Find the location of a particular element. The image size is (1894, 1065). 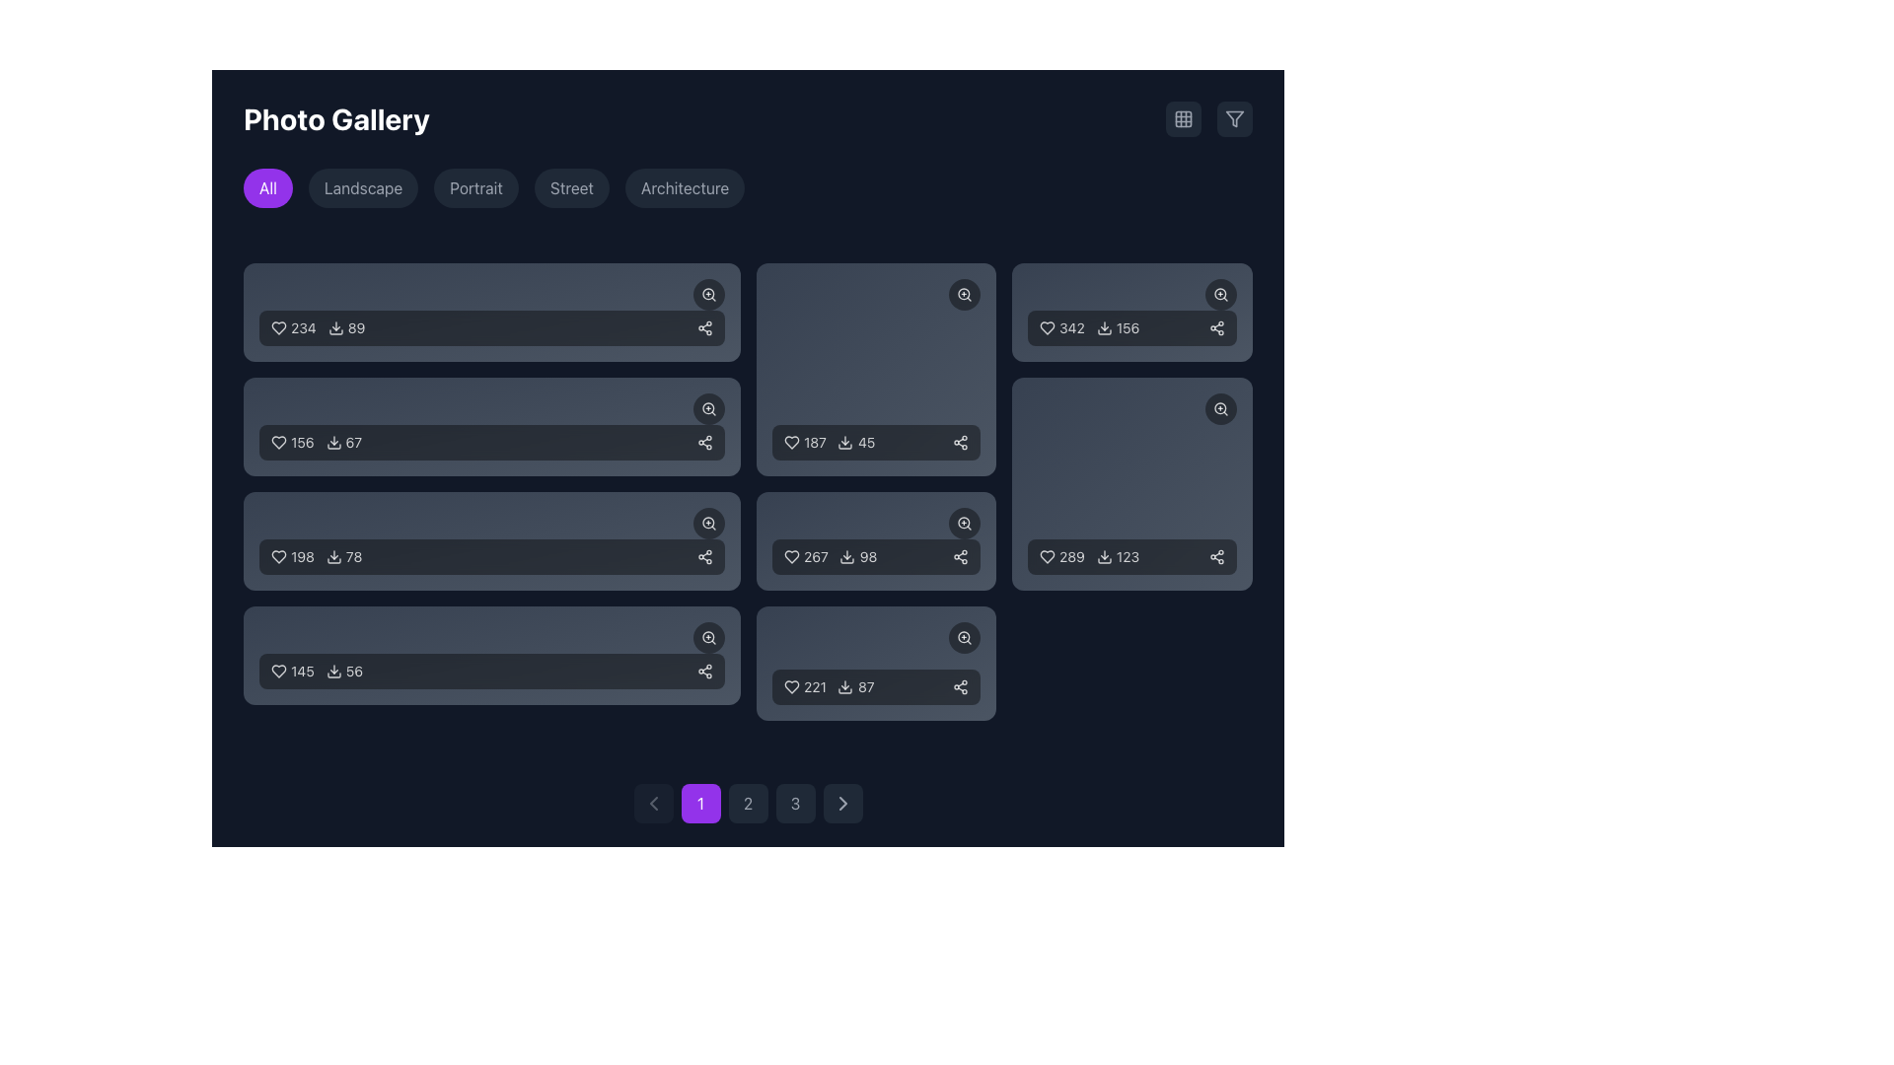

the zoom icon button located at the center-right of the card in the second row of the grid is located at coordinates (708, 408).